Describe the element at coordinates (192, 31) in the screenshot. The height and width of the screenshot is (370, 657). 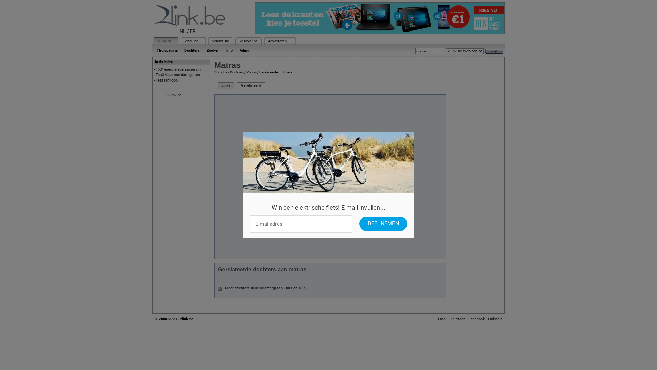
I see `'FR'` at that location.